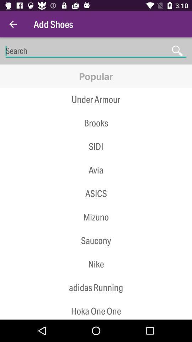  What do you see at coordinates (96, 51) in the screenshot?
I see `search bar` at bounding box center [96, 51].